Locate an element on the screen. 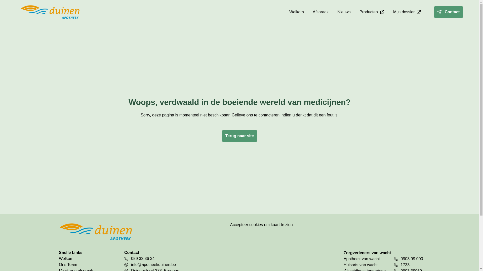 Image resolution: width=483 pixels, height=271 pixels. 'Apotheek van wacht' is located at coordinates (365, 259).